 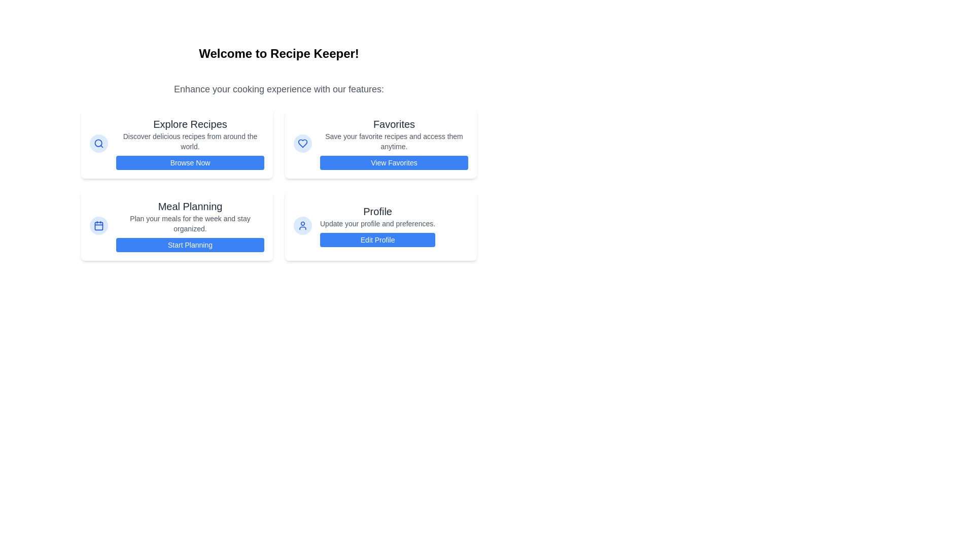 I want to click on the circular SVG graphic representing a magnifying glass in the 'Explore Recipes' card located in the upper-left section of the interface, so click(x=98, y=143).